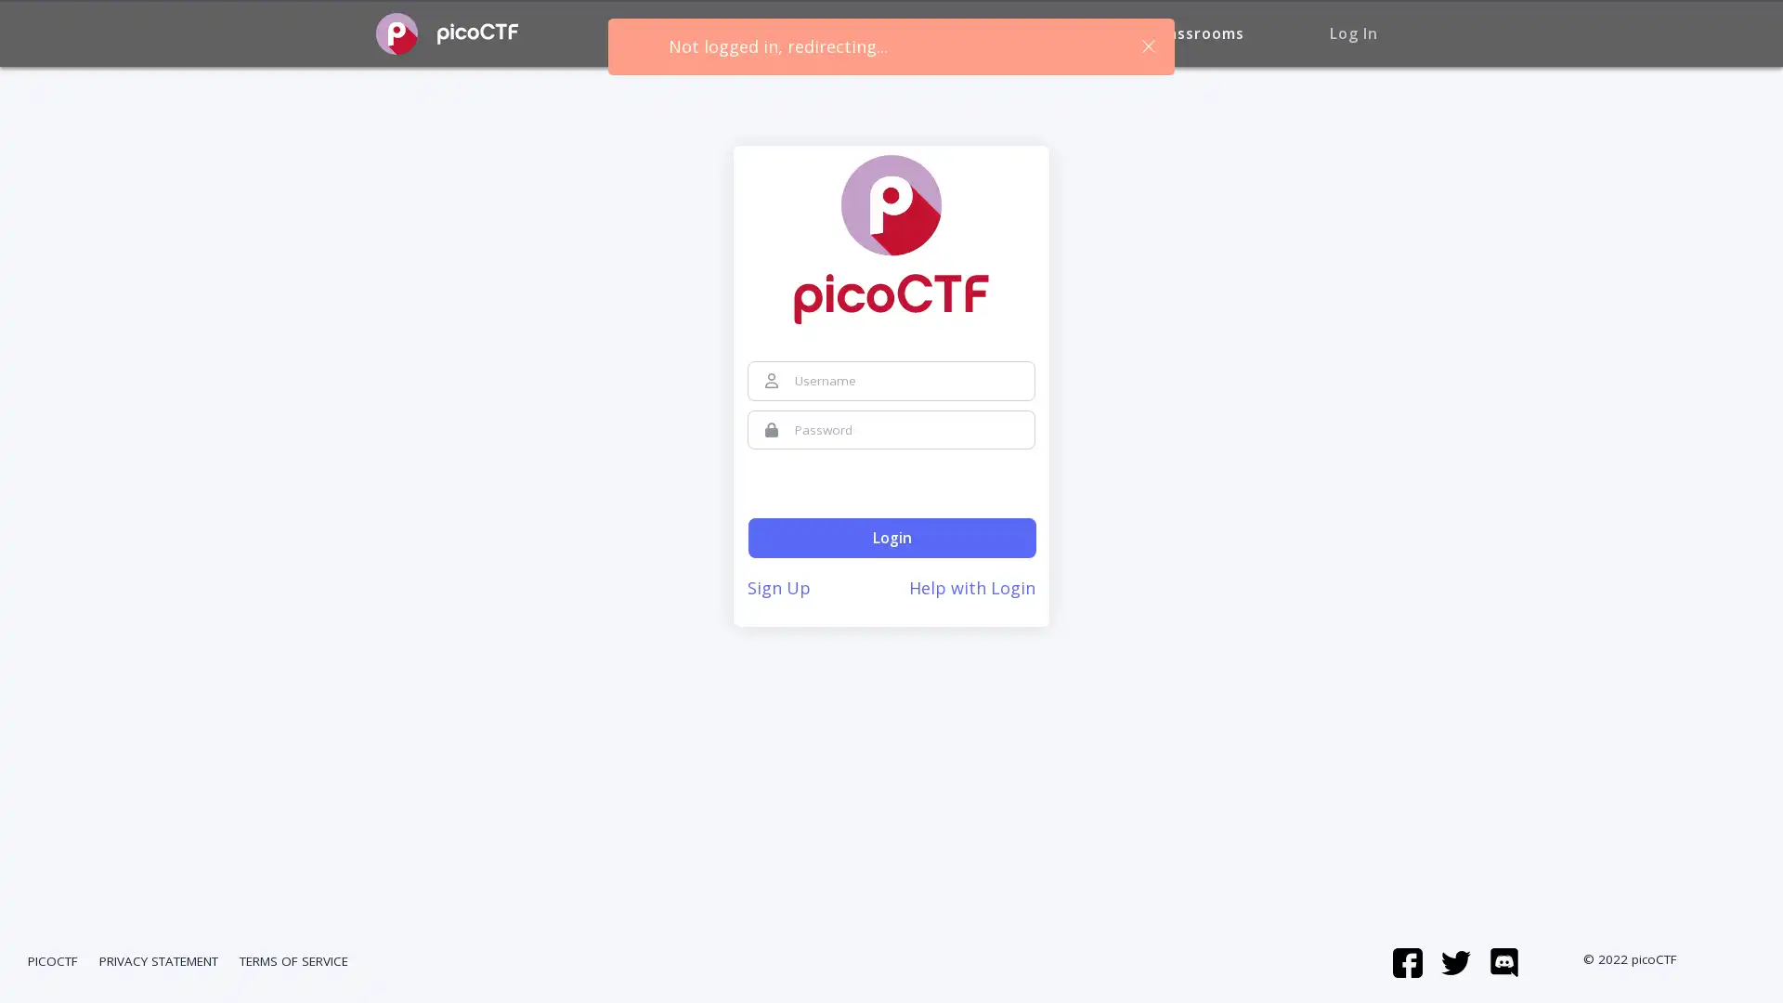 The height and width of the screenshot is (1003, 1783). I want to click on Login, so click(891, 538).